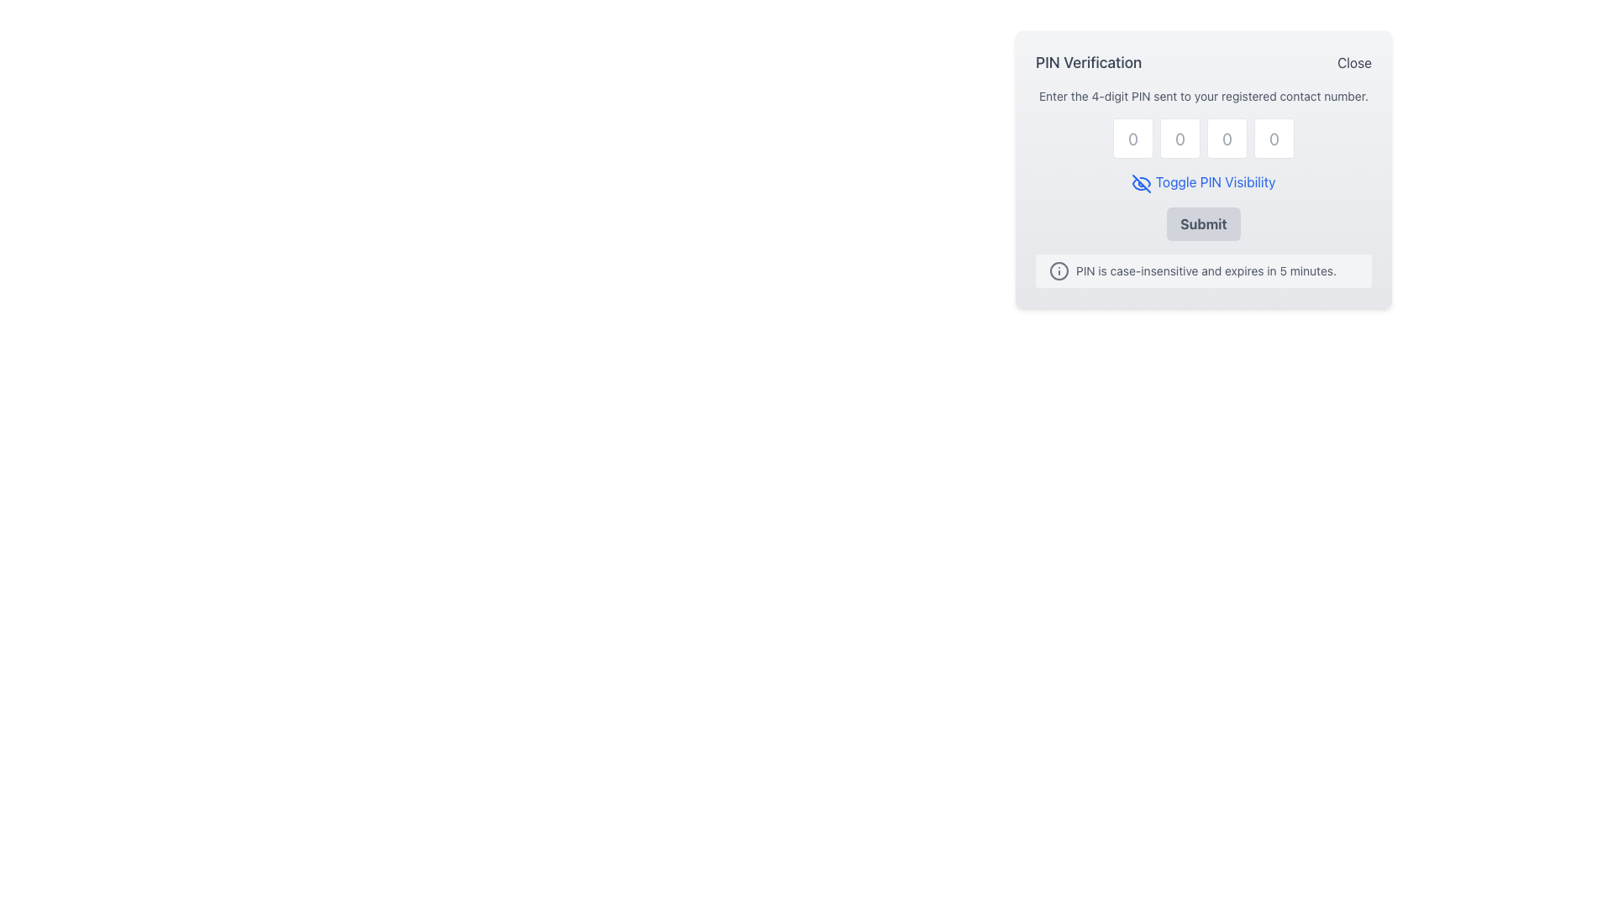 The width and height of the screenshot is (1613, 907). What do you see at coordinates (1202, 182) in the screenshot?
I see `the hyperlink that toggles the visibility of the PIN in the PIN verification form to underline the text` at bounding box center [1202, 182].